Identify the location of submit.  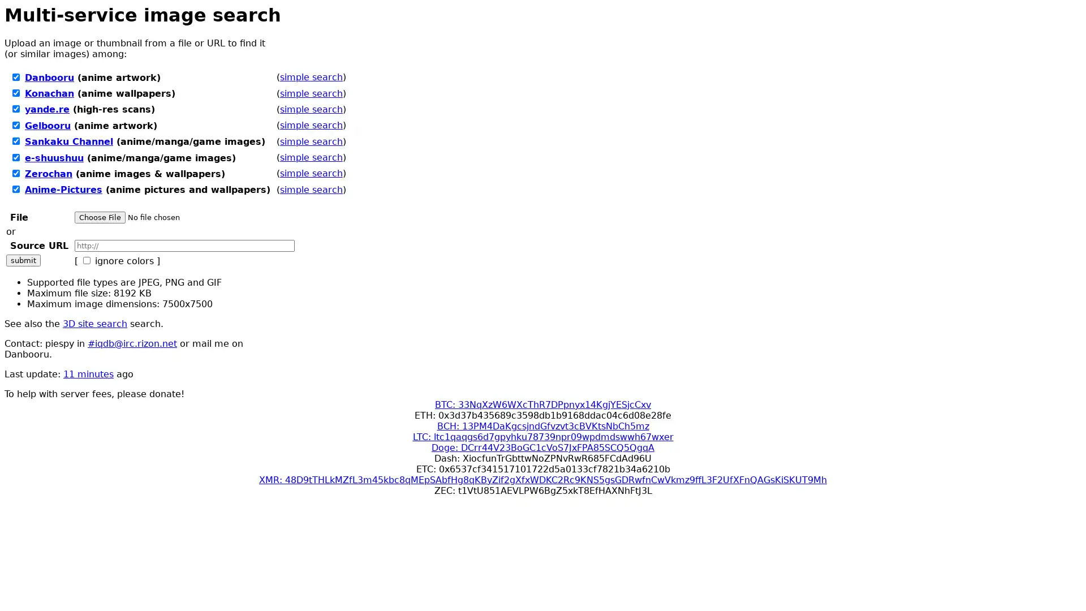
(23, 260).